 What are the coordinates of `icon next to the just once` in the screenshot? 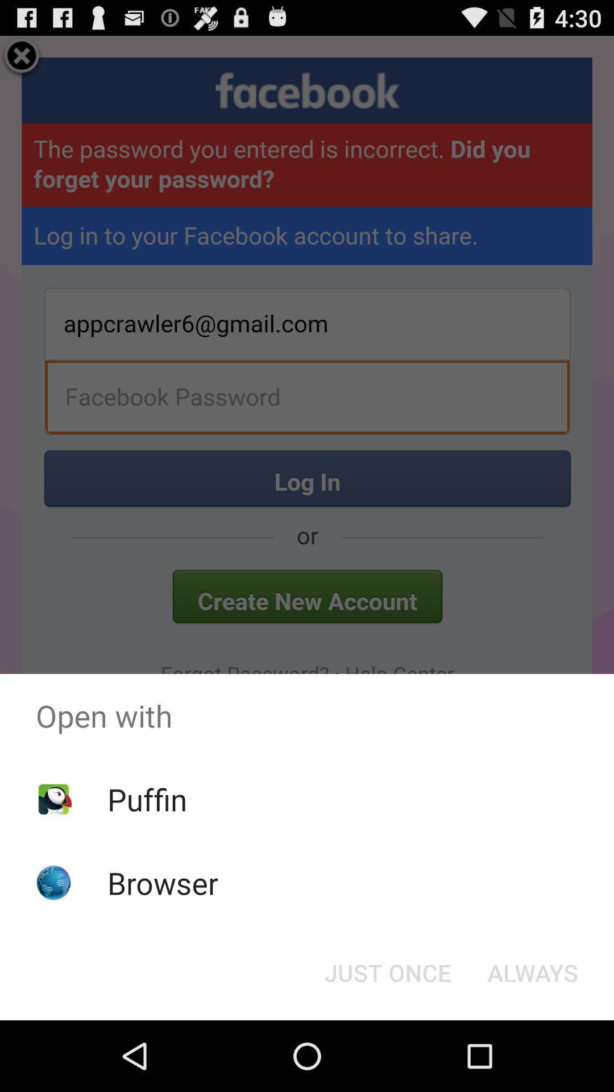 It's located at (533, 971).